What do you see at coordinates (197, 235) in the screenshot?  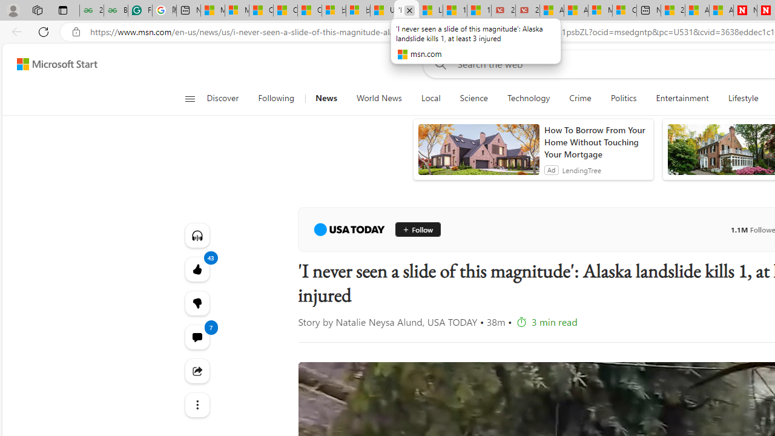 I see `'Listen to this article'` at bounding box center [197, 235].